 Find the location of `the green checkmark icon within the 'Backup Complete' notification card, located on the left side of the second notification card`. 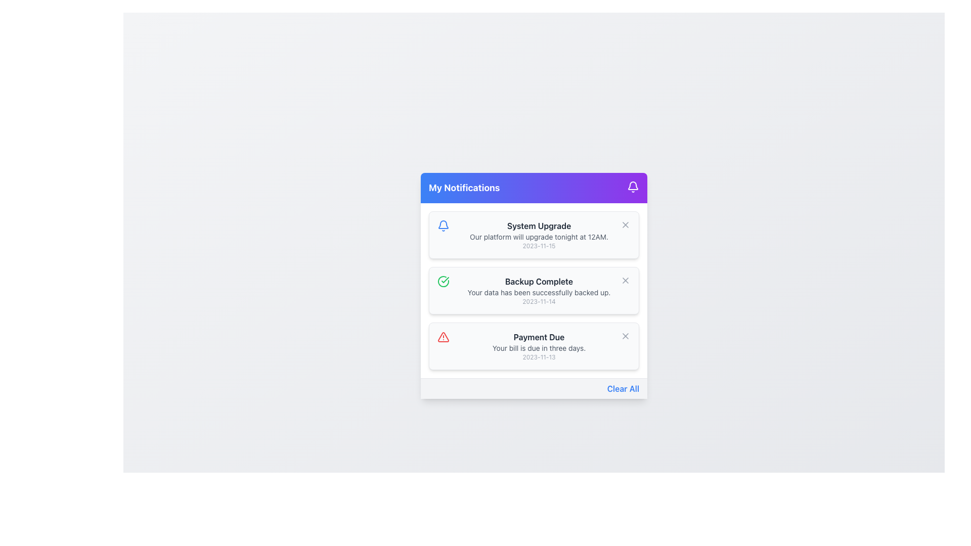

the green checkmark icon within the 'Backup Complete' notification card, located on the left side of the second notification card is located at coordinates (444, 281).